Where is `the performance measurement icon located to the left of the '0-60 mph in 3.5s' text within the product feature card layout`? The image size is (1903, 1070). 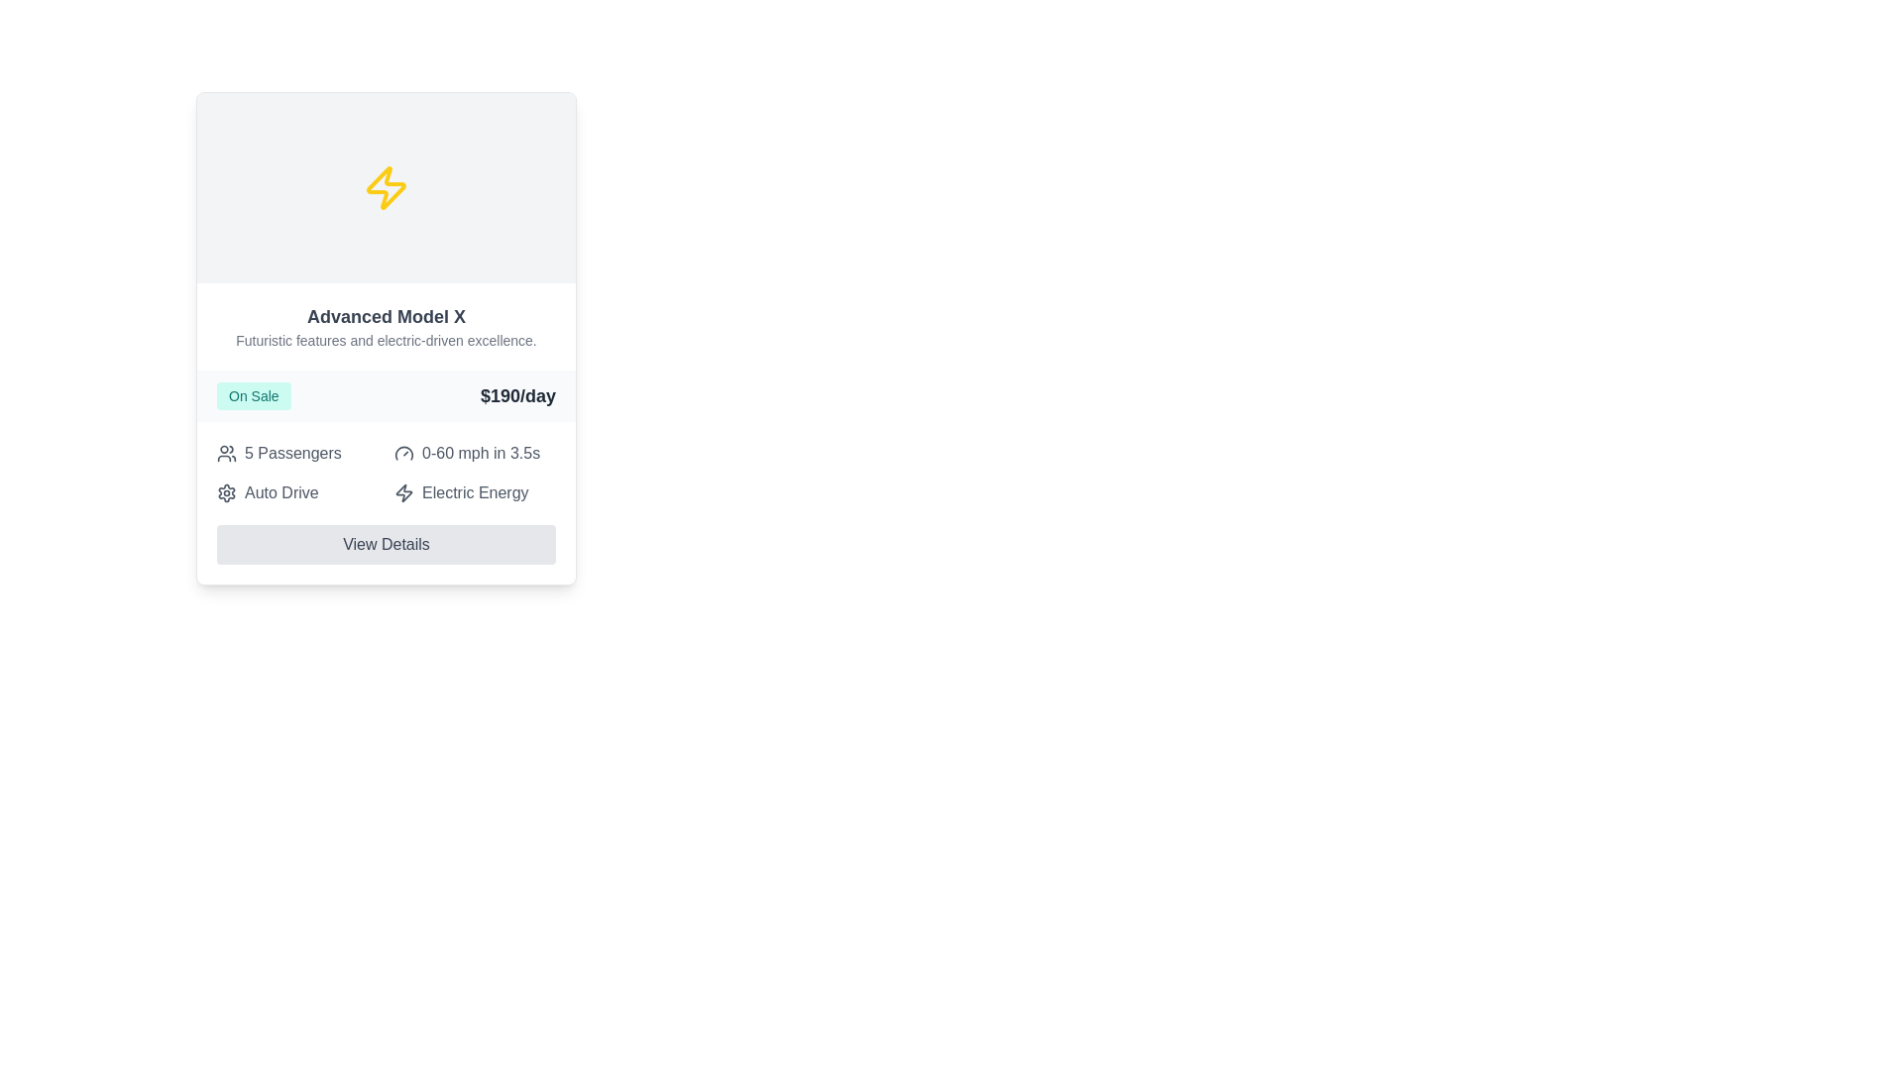
the performance measurement icon located to the left of the '0-60 mph in 3.5s' text within the product feature card layout is located at coordinates (403, 454).